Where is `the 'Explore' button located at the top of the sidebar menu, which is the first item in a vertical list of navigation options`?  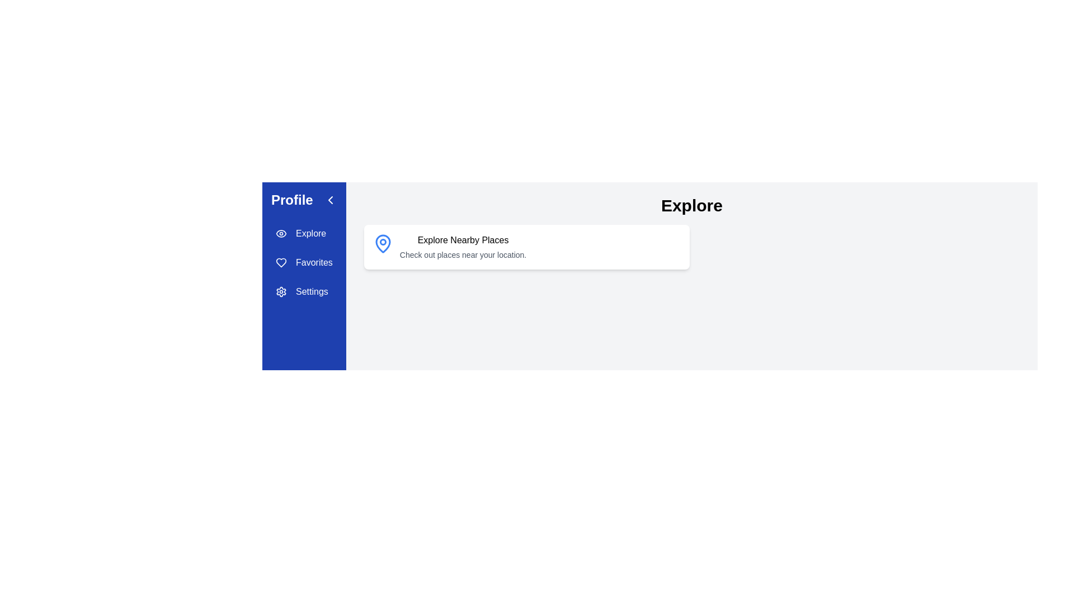 the 'Explore' button located at the top of the sidebar menu, which is the first item in a vertical list of navigation options is located at coordinates (304, 233).